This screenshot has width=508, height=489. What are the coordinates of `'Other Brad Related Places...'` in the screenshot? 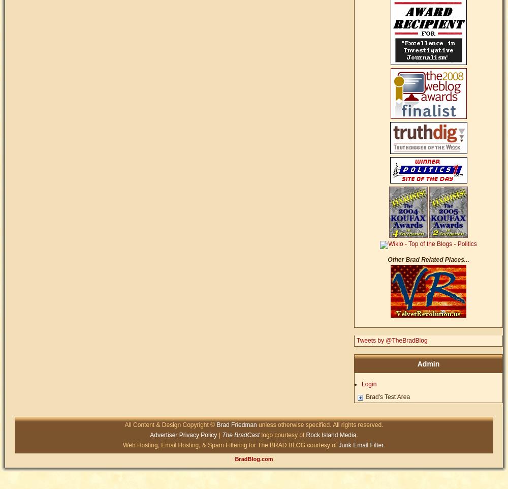 It's located at (428, 259).